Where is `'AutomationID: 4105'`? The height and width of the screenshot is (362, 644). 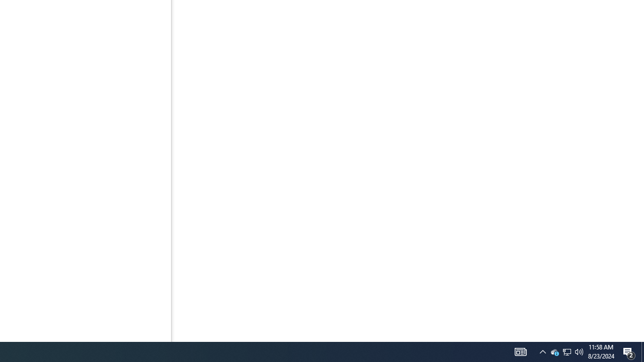 'AutomationID: 4105' is located at coordinates (520, 351).